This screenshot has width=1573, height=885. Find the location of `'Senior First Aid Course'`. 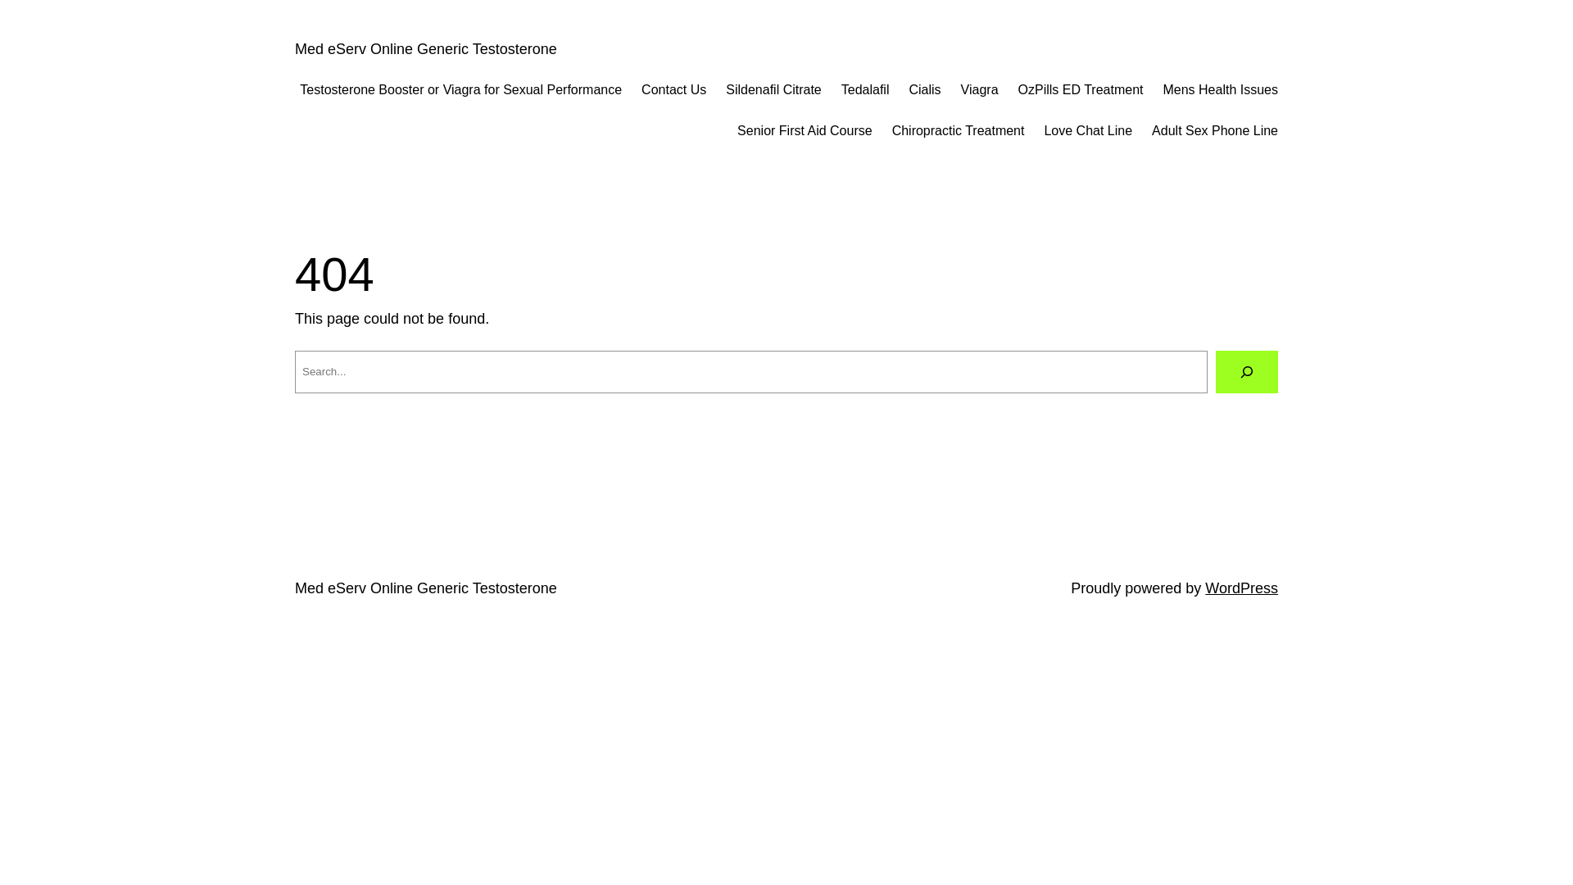

'Senior First Aid Course' is located at coordinates (737, 129).